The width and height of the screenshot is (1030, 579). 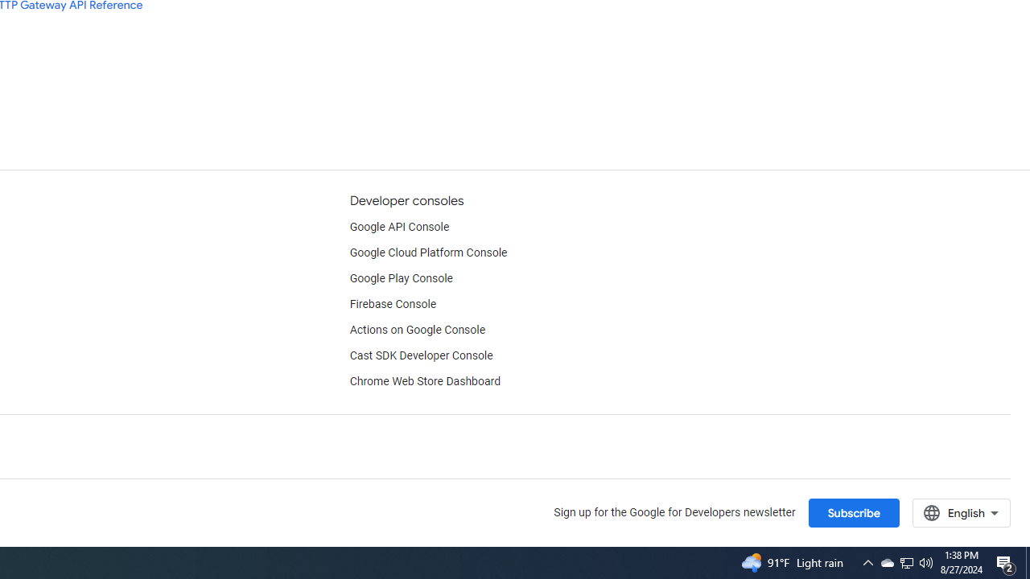 What do you see at coordinates (401, 278) in the screenshot?
I see `'Google Play Console'` at bounding box center [401, 278].